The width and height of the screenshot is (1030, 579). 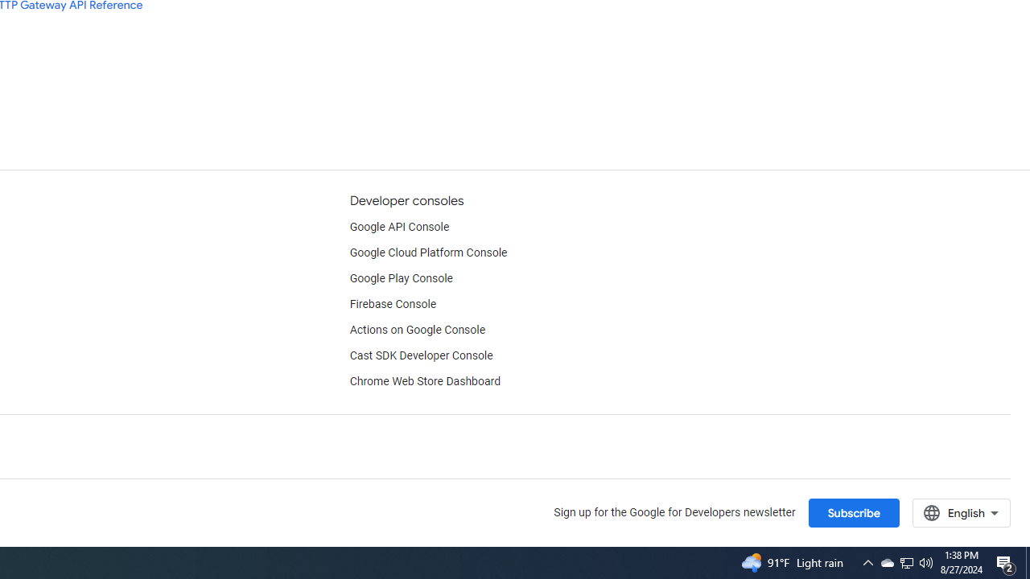 What do you see at coordinates (401, 278) in the screenshot?
I see `'Google Play Console'` at bounding box center [401, 278].